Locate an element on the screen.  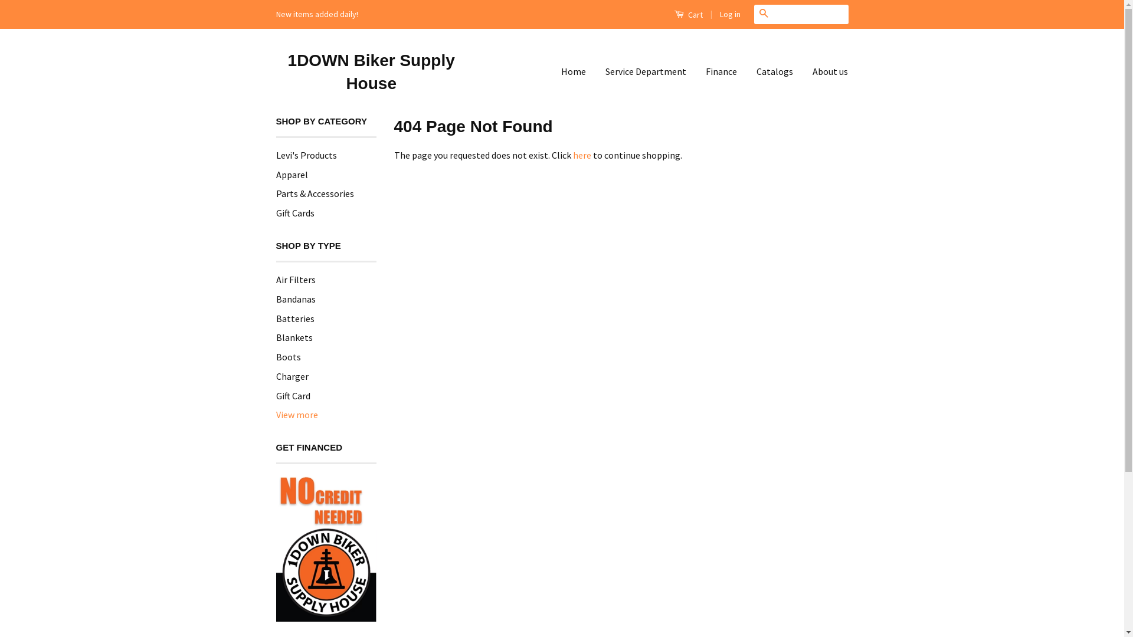
'Service Department' is located at coordinates (645, 71).